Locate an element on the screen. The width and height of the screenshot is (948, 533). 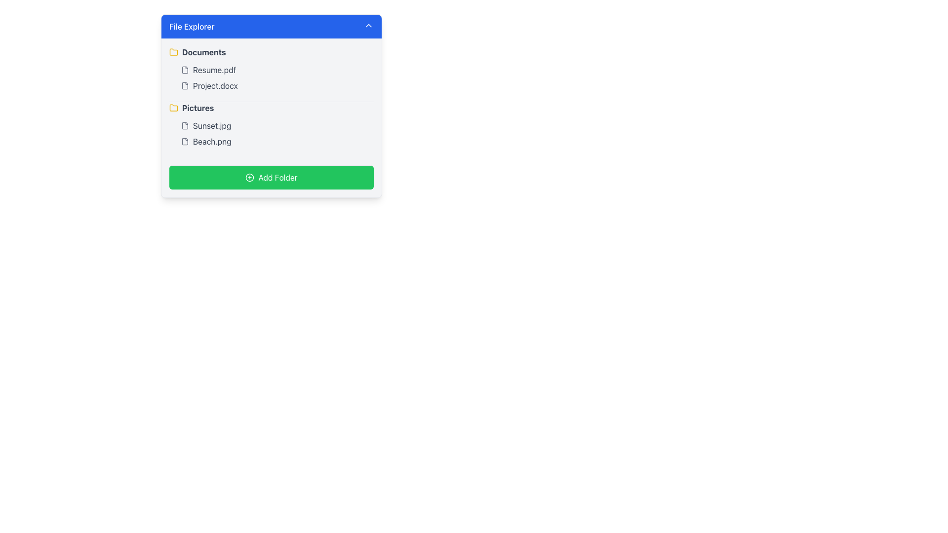
the text label representing the file 'Resume.pdf' located in the Documents section of the file explorer is located at coordinates (214, 70).